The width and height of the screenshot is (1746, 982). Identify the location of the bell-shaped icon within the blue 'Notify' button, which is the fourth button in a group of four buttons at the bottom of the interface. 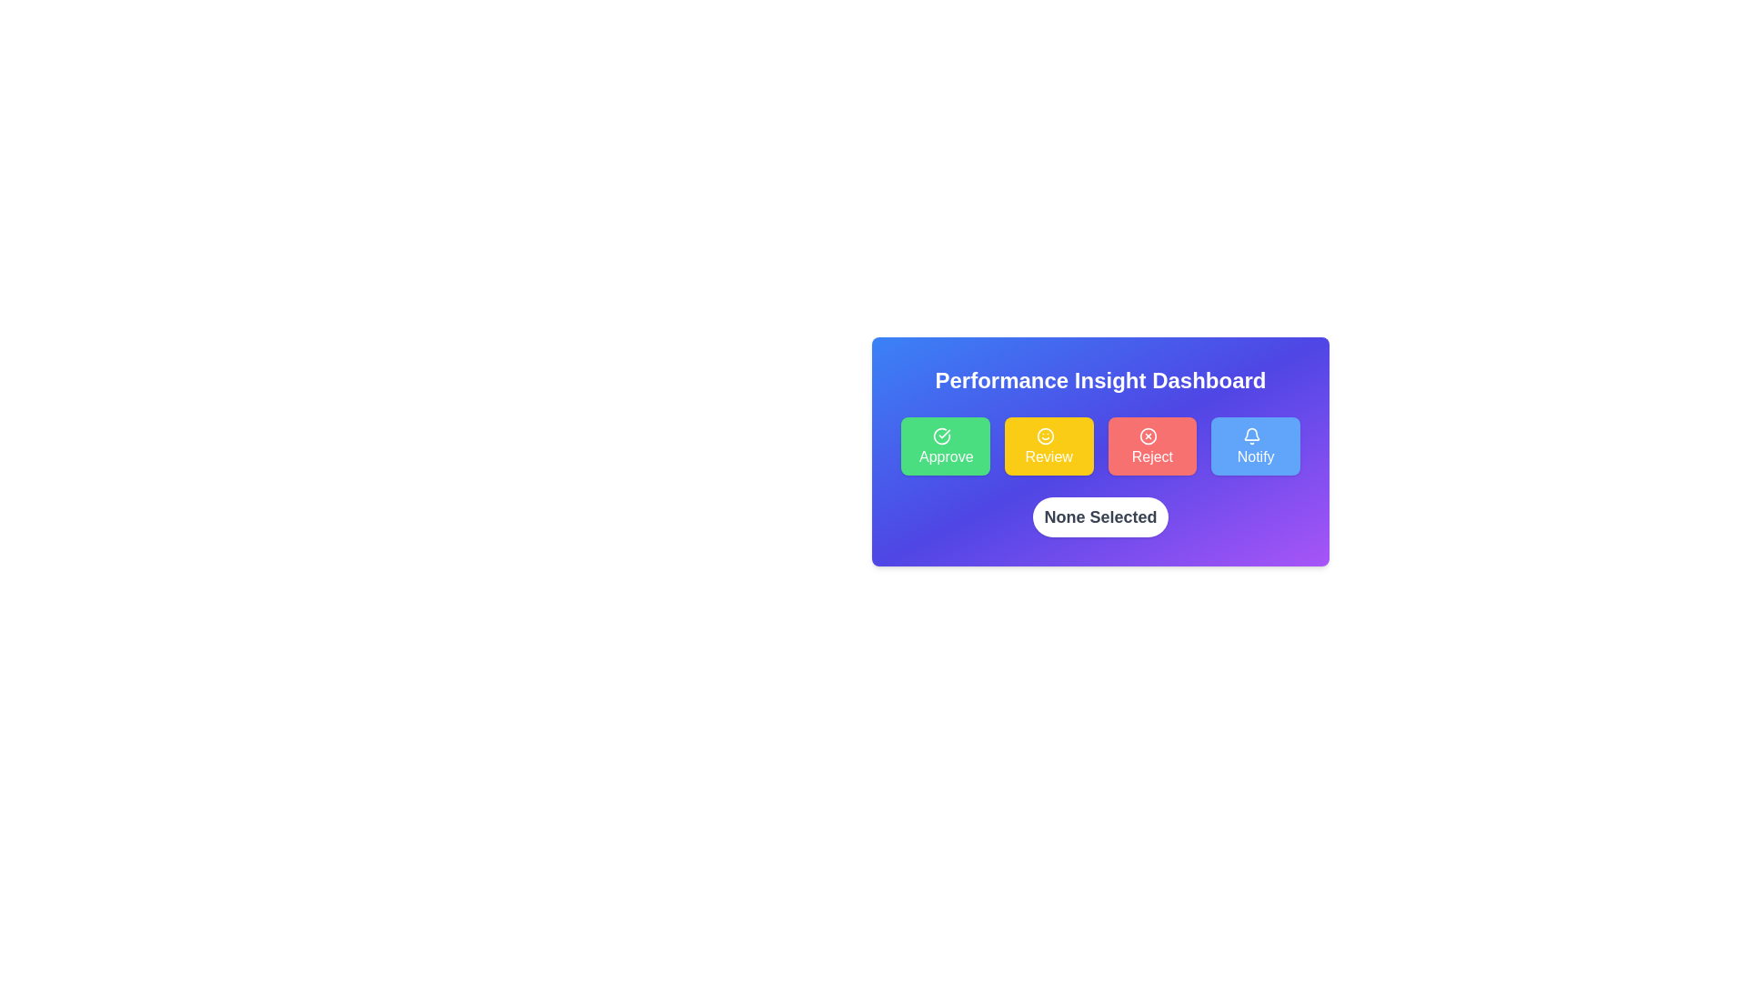
(1251, 436).